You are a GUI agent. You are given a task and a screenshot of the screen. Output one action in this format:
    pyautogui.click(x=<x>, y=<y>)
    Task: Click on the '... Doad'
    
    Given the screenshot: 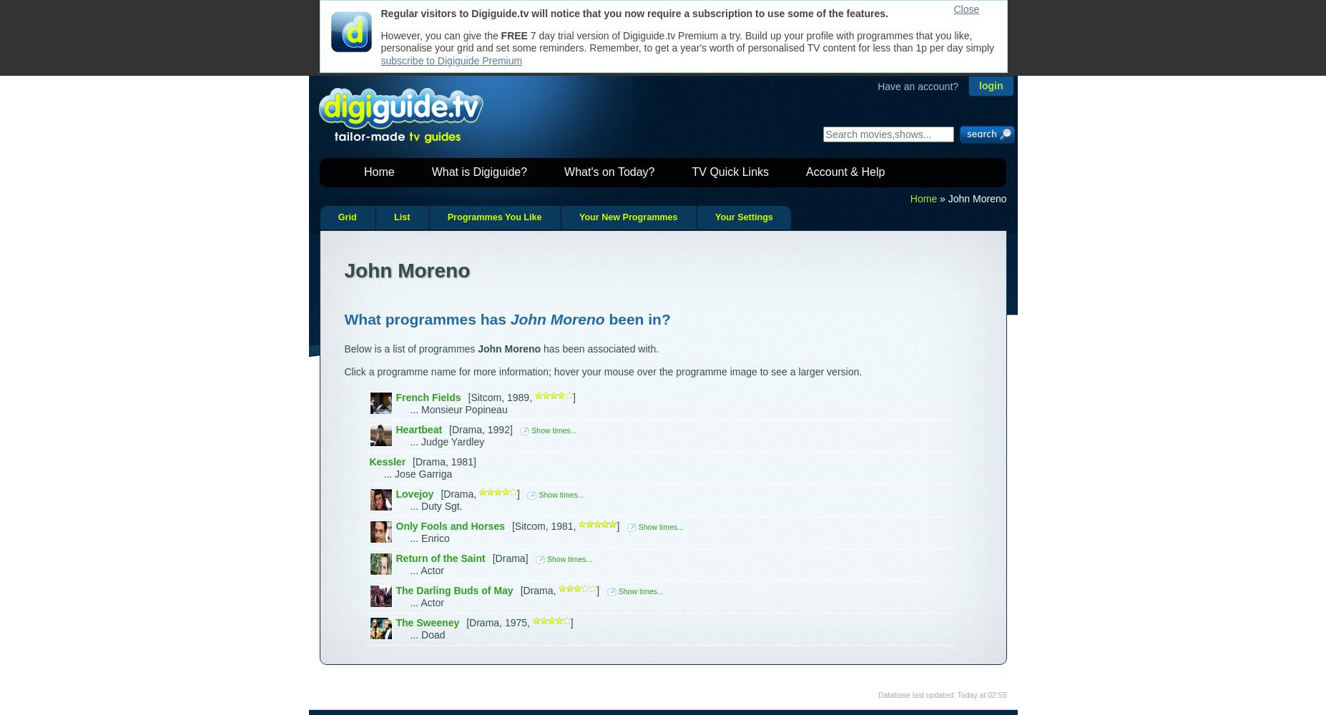 What is the action you would take?
    pyautogui.click(x=427, y=635)
    